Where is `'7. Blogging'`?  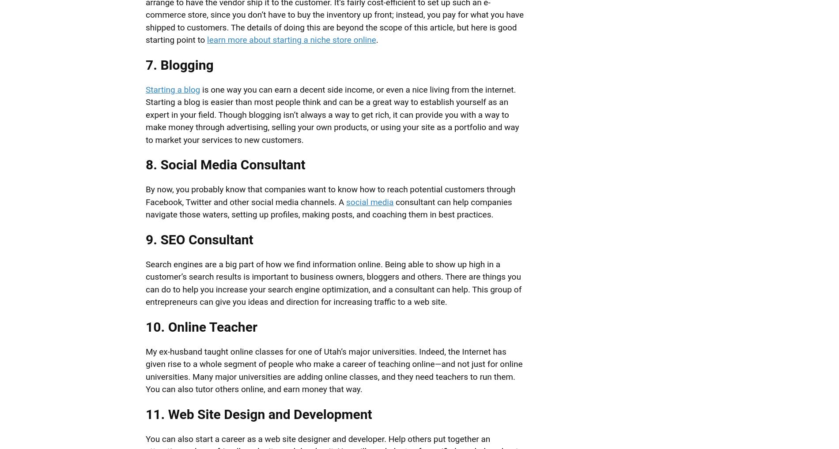
'7. Blogging' is located at coordinates (179, 64).